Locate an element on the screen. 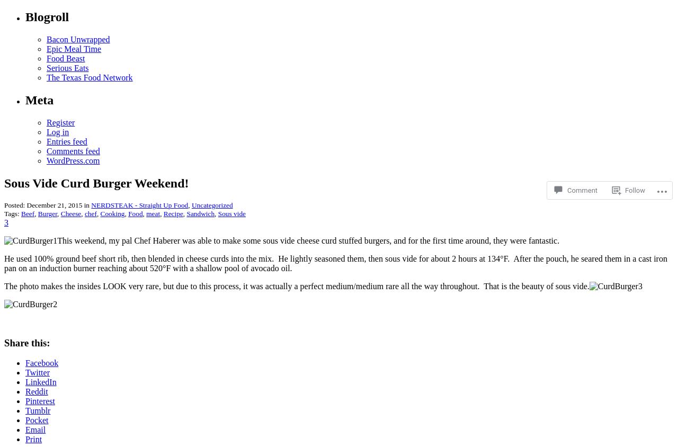 The width and height of the screenshot is (678, 447). 'Email' is located at coordinates (35, 430).